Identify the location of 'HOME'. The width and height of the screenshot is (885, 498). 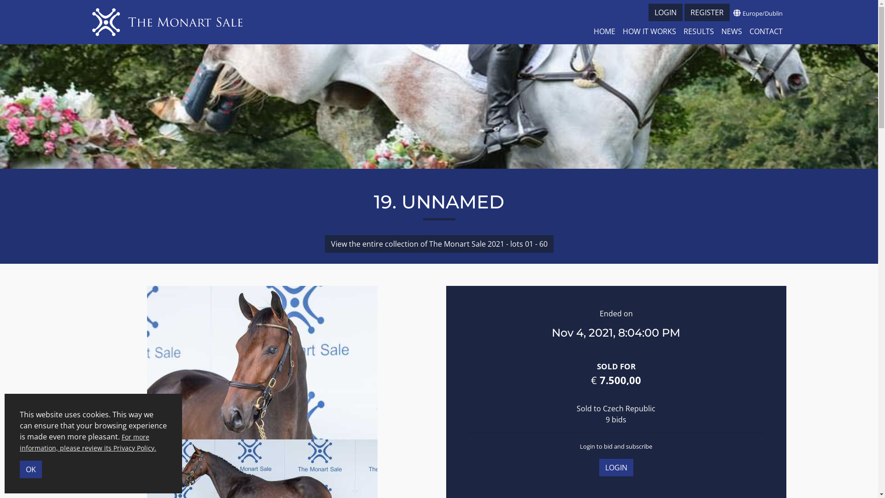
(604, 31).